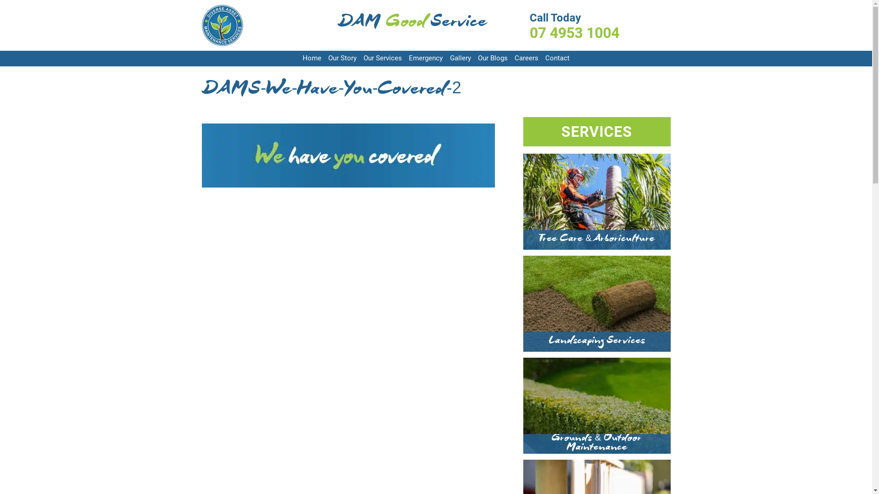 This screenshot has width=879, height=494. What do you see at coordinates (461, 59) in the screenshot?
I see `'Gallery'` at bounding box center [461, 59].